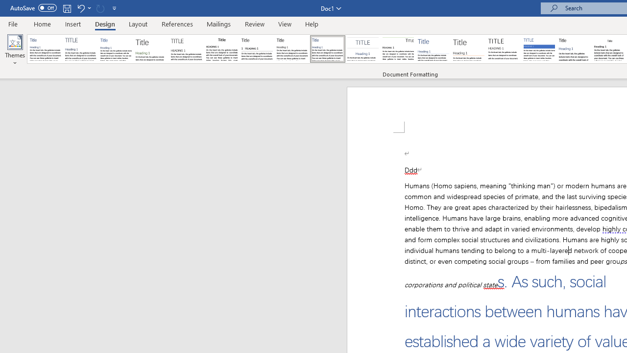 The width and height of the screenshot is (627, 353). What do you see at coordinates (116, 49) in the screenshot?
I see `'Basic (Simple)'` at bounding box center [116, 49].